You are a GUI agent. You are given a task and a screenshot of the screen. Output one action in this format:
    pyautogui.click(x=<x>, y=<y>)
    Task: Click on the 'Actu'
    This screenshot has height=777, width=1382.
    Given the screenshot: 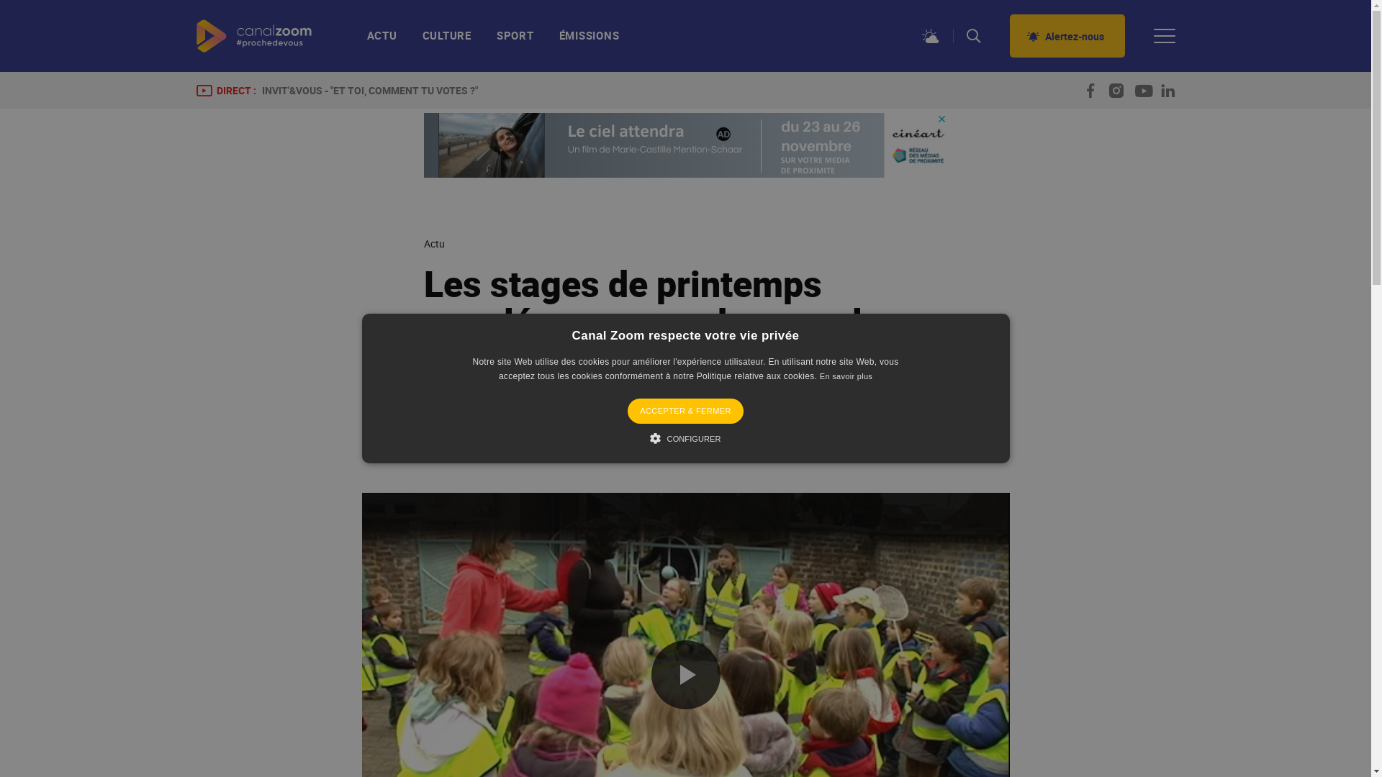 What is the action you would take?
    pyautogui.click(x=433, y=243)
    